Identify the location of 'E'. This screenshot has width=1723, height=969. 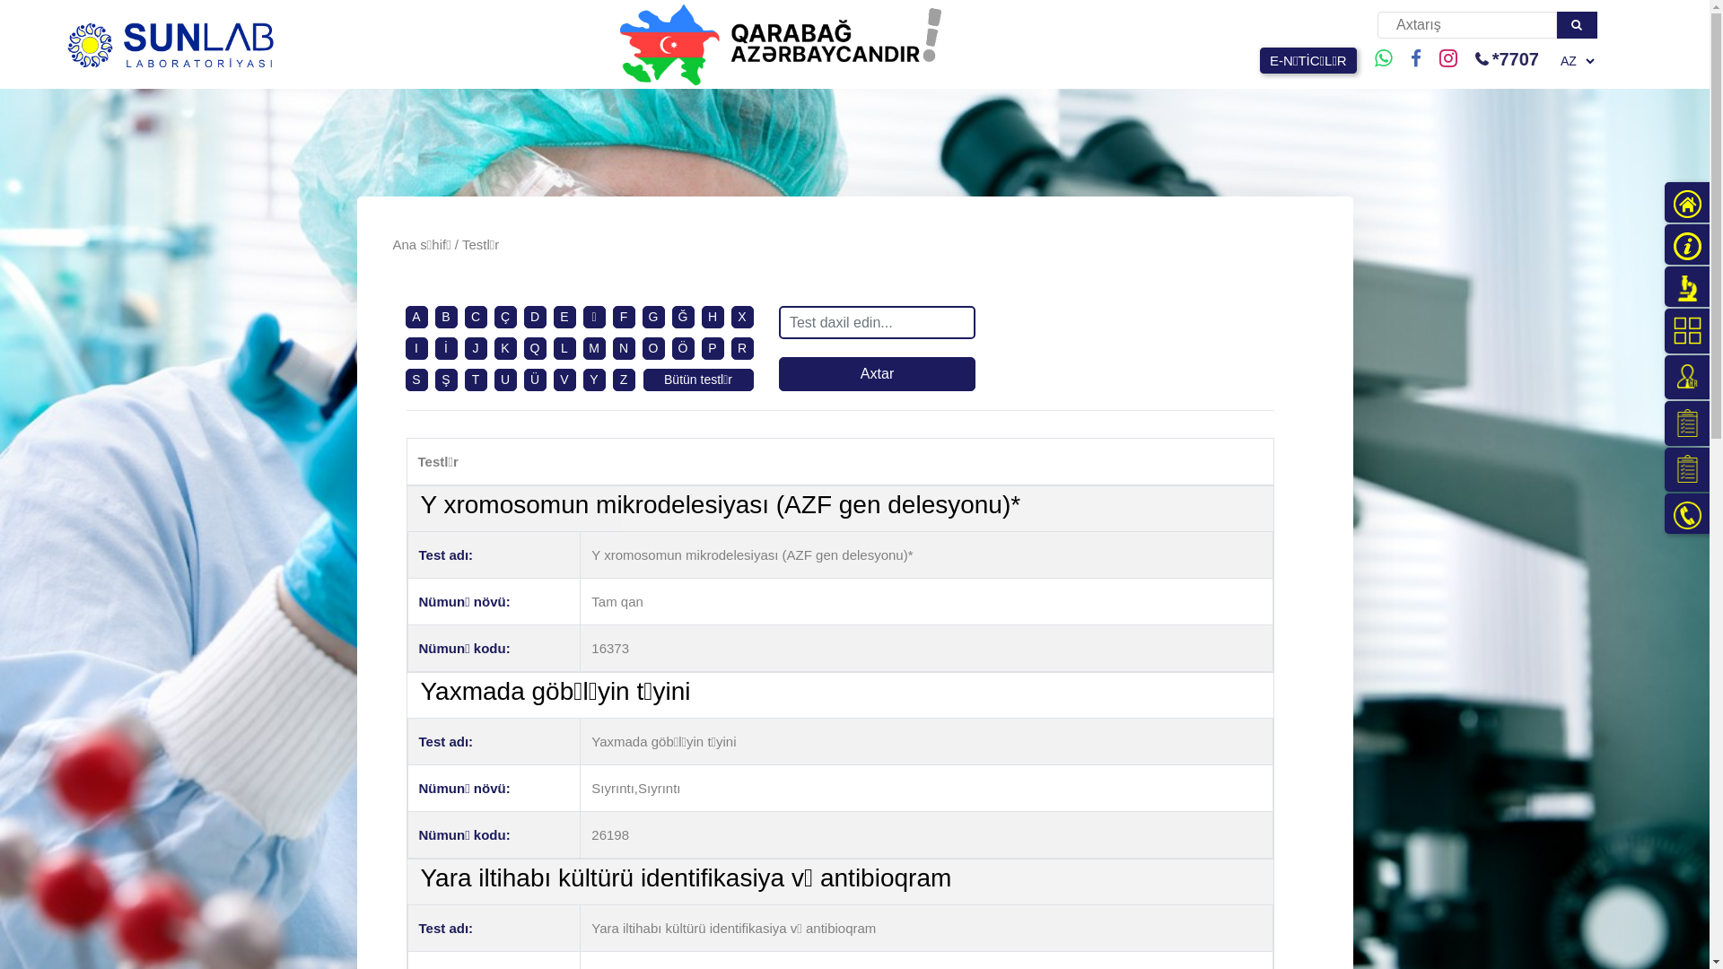
(563, 316).